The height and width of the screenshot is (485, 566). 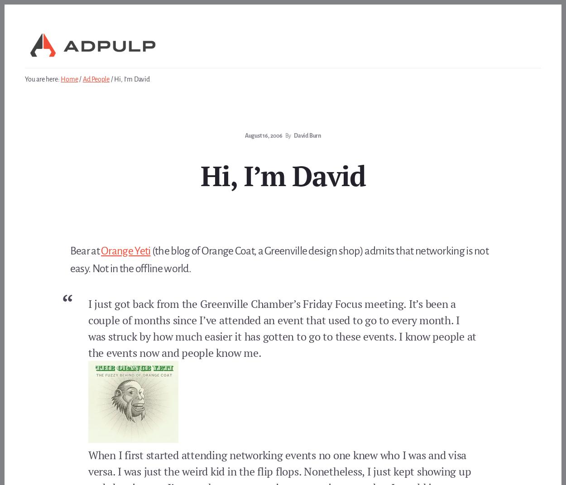 What do you see at coordinates (85, 251) in the screenshot?
I see `'Bear at'` at bounding box center [85, 251].